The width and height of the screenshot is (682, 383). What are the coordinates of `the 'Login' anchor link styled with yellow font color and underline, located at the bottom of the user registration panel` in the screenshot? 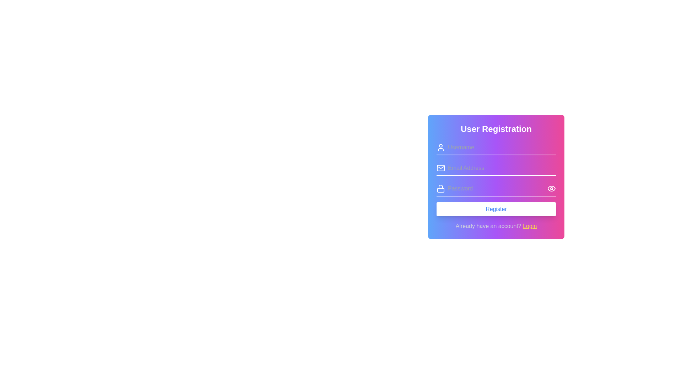 It's located at (530, 226).